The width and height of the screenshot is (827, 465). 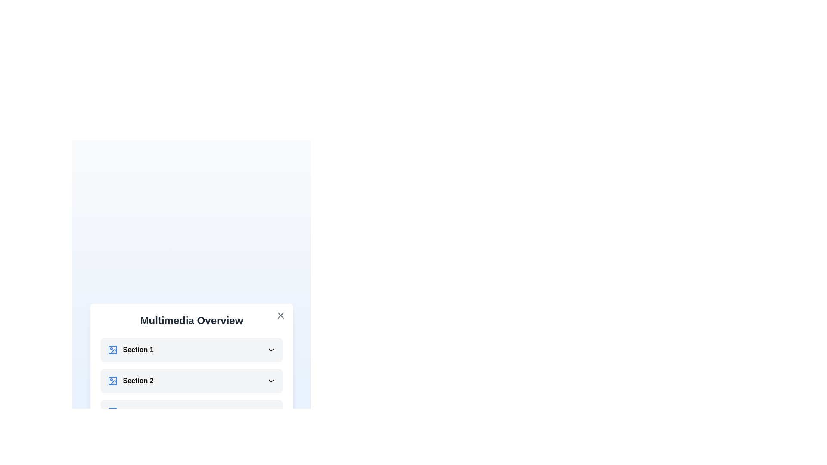 What do you see at coordinates (271, 350) in the screenshot?
I see `the dropdown indicator (chevron icon) located to the far right of the 'Section 1' row for keyboard interaction` at bounding box center [271, 350].